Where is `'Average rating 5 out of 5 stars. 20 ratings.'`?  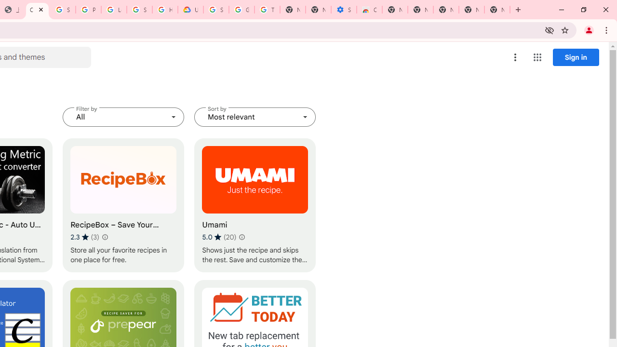 'Average rating 5 out of 5 stars. 20 ratings.' is located at coordinates (219, 237).